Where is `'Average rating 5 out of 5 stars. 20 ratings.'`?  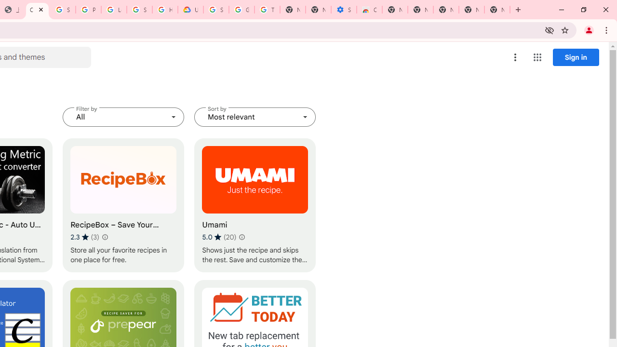 'Average rating 5 out of 5 stars. 20 ratings.' is located at coordinates (219, 237).